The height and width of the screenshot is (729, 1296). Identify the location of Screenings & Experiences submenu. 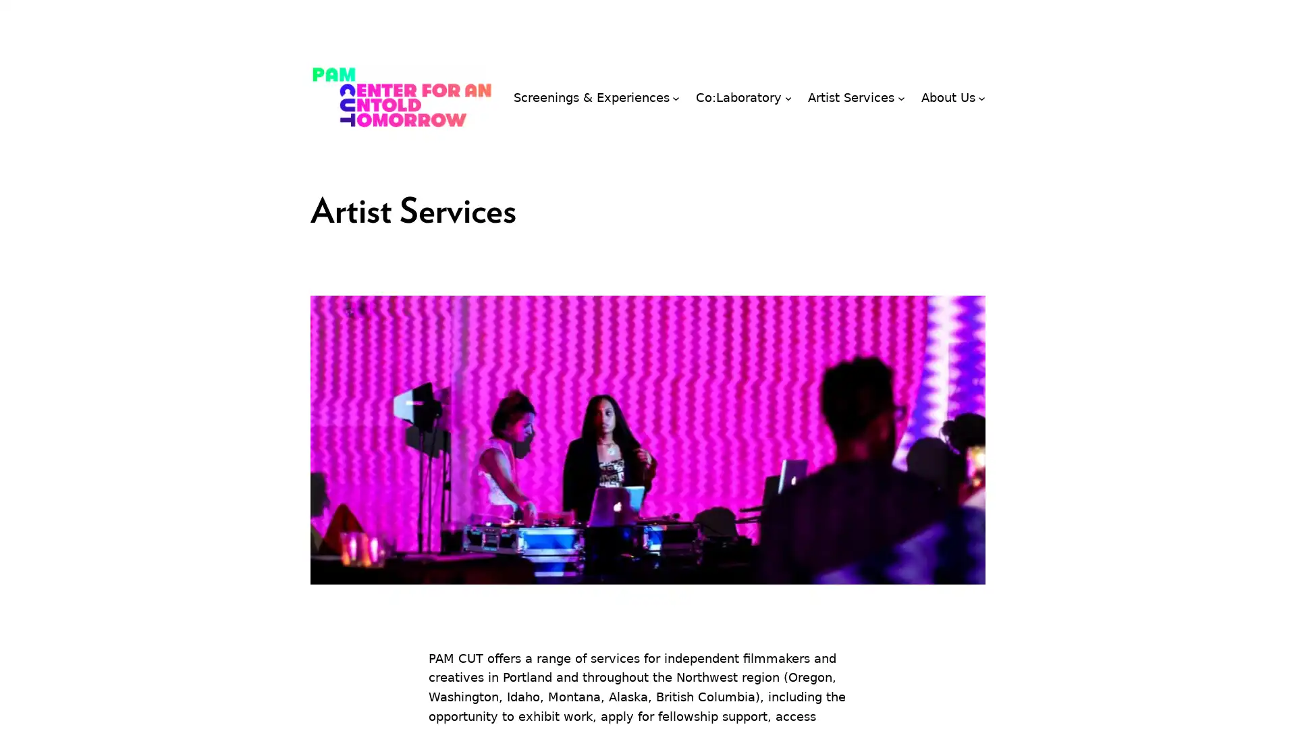
(676, 97).